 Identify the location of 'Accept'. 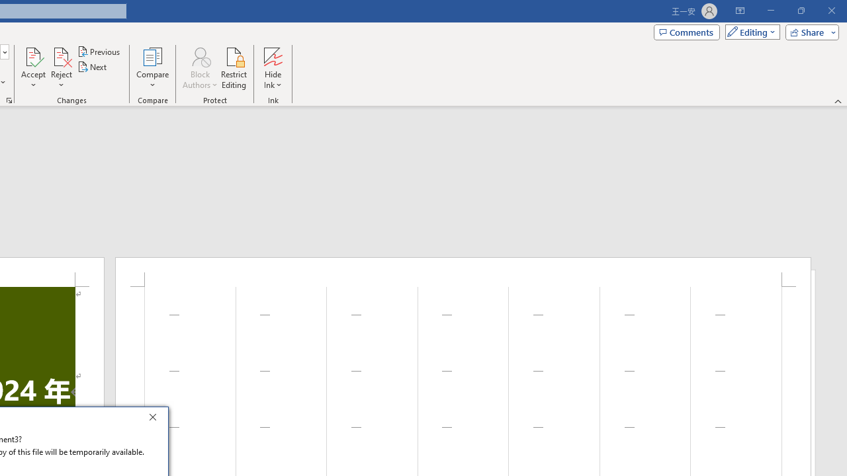
(33, 68).